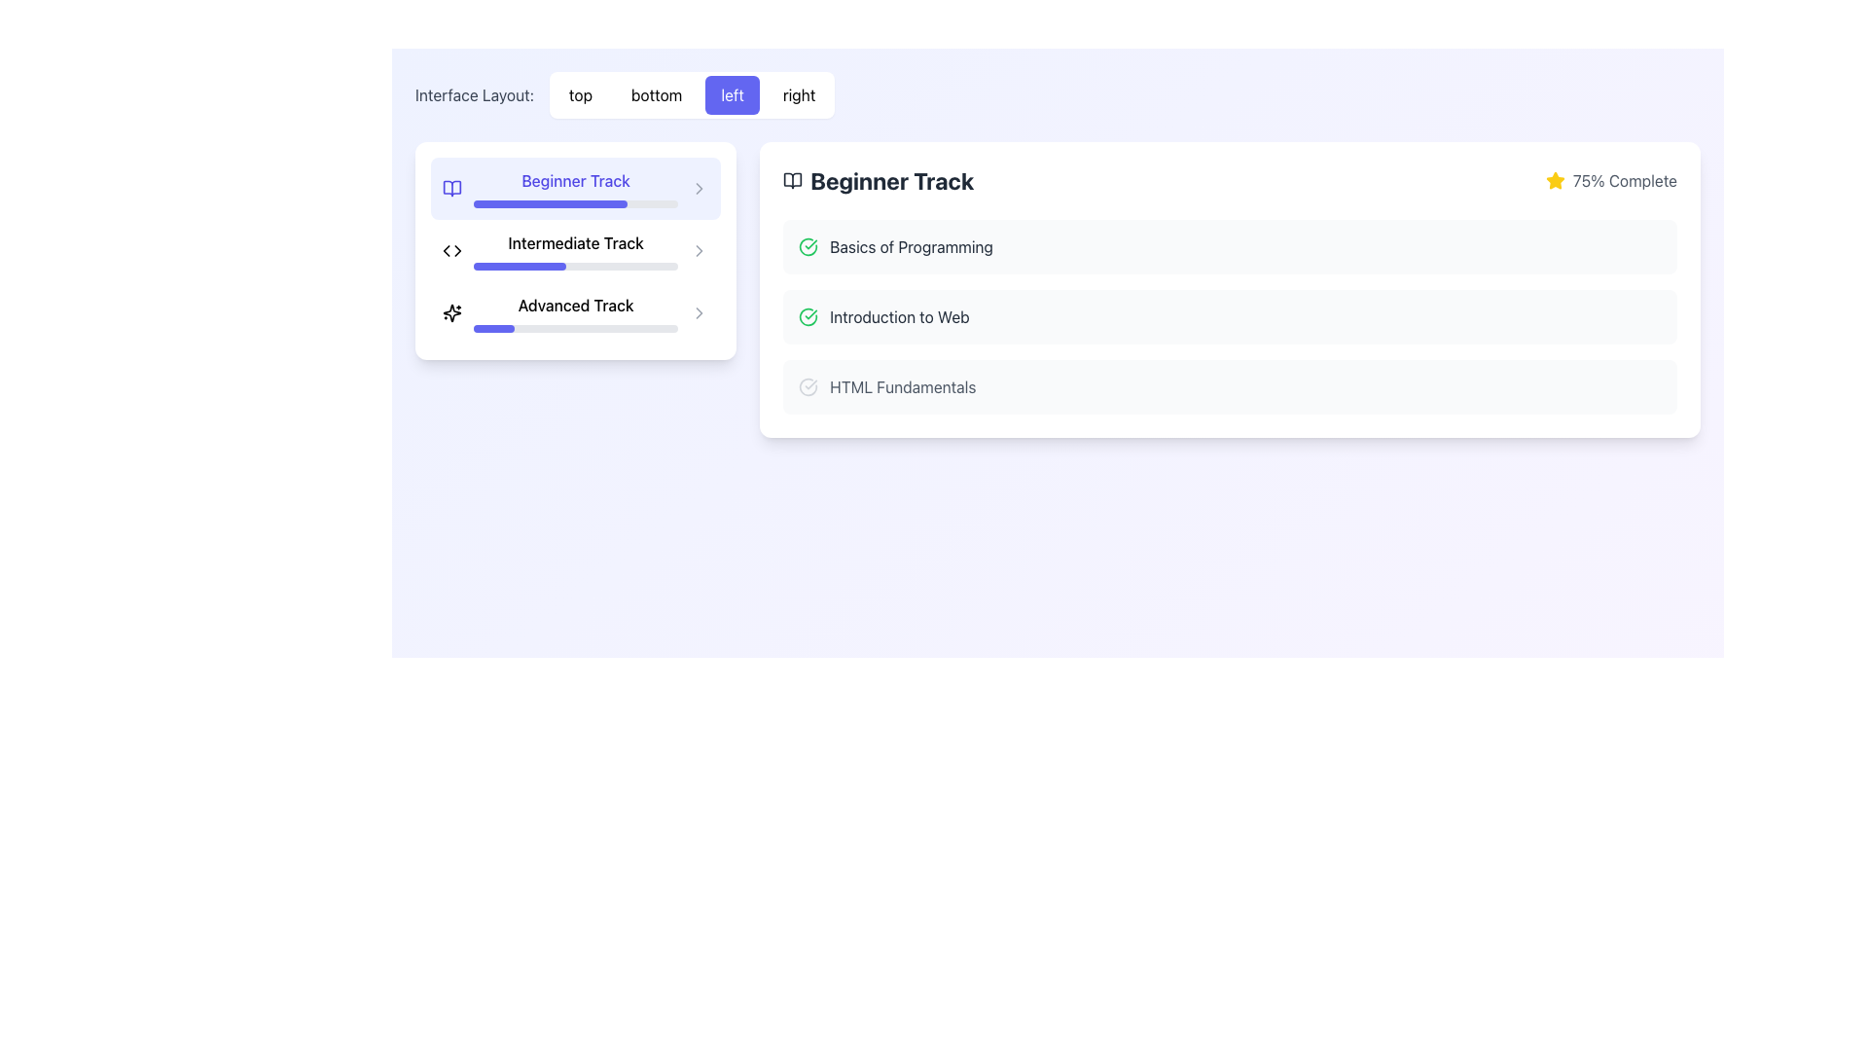 The height and width of the screenshot is (1051, 1868). What do you see at coordinates (456, 250) in the screenshot?
I see `the triangular arrow icon representing navigation for the 'Intermediate Track', located to the left of the text 'Intermediate Track'` at bounding box center [456, 250].